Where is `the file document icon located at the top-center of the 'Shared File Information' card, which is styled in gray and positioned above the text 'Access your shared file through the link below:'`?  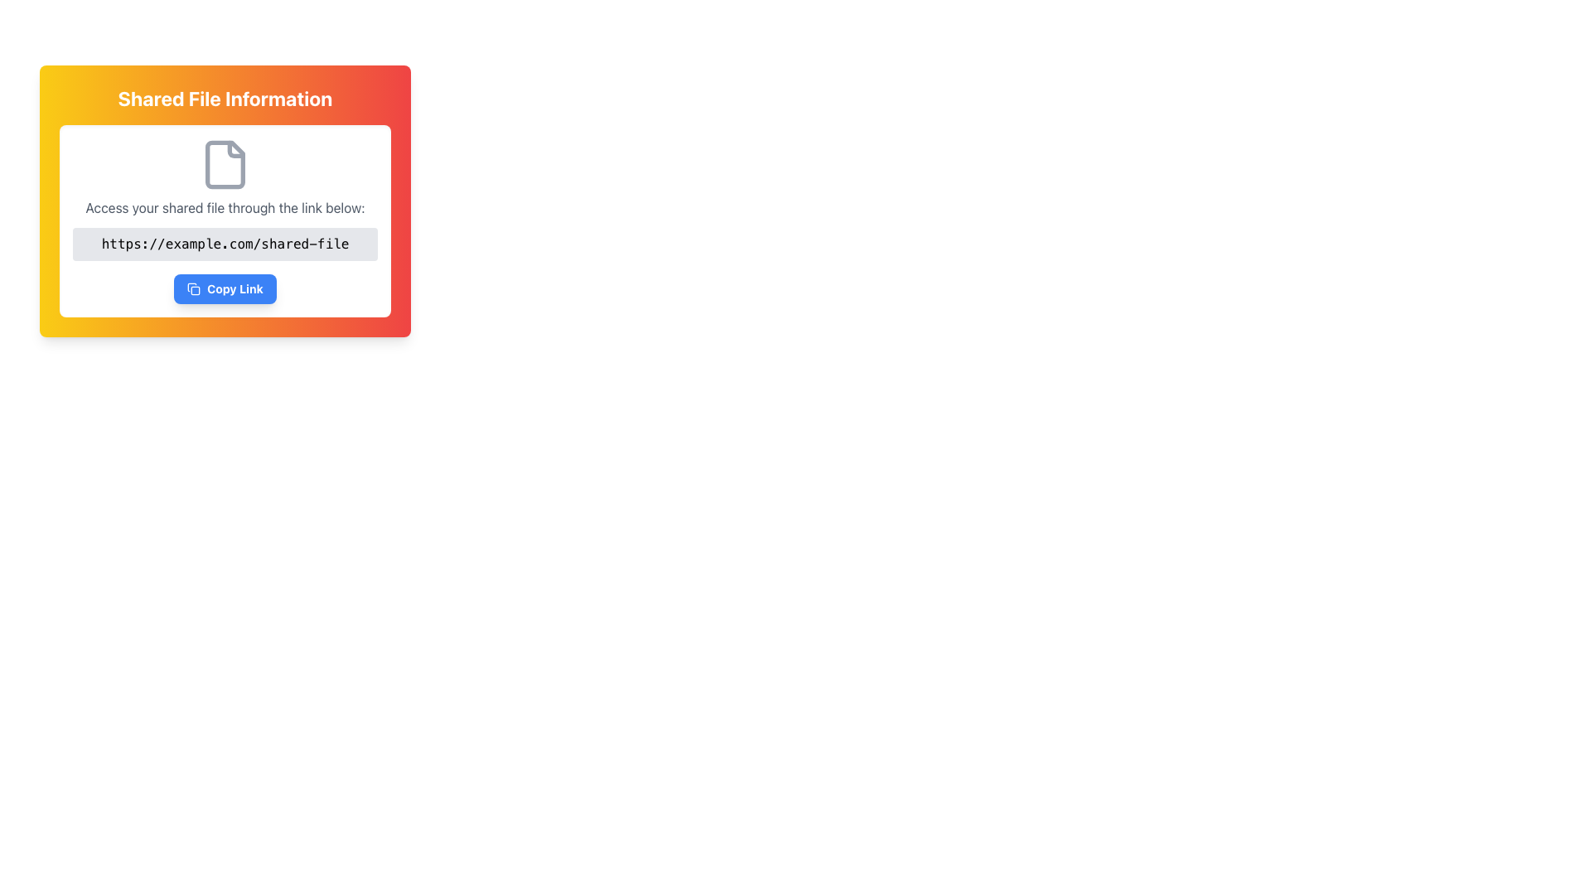
the file document icon located at the top-center of the 'Shared File Information' card, which is styled in gray and positioned above the text 'Access your shared file through the link below:' is located at coordinates (225, 165).